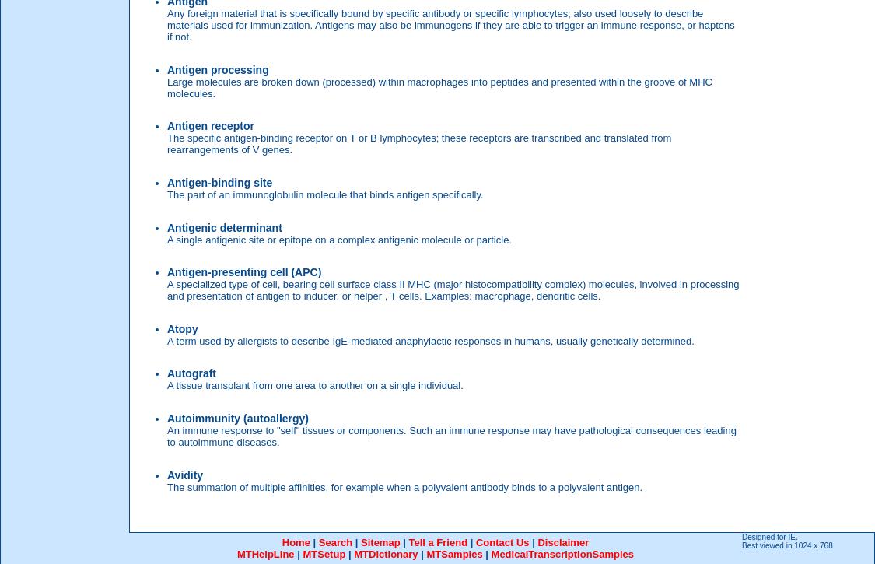  What do you see at coordinates (191, 373) in the screenshot?
I see `'Autograft'` at bounding box center [191, 373].